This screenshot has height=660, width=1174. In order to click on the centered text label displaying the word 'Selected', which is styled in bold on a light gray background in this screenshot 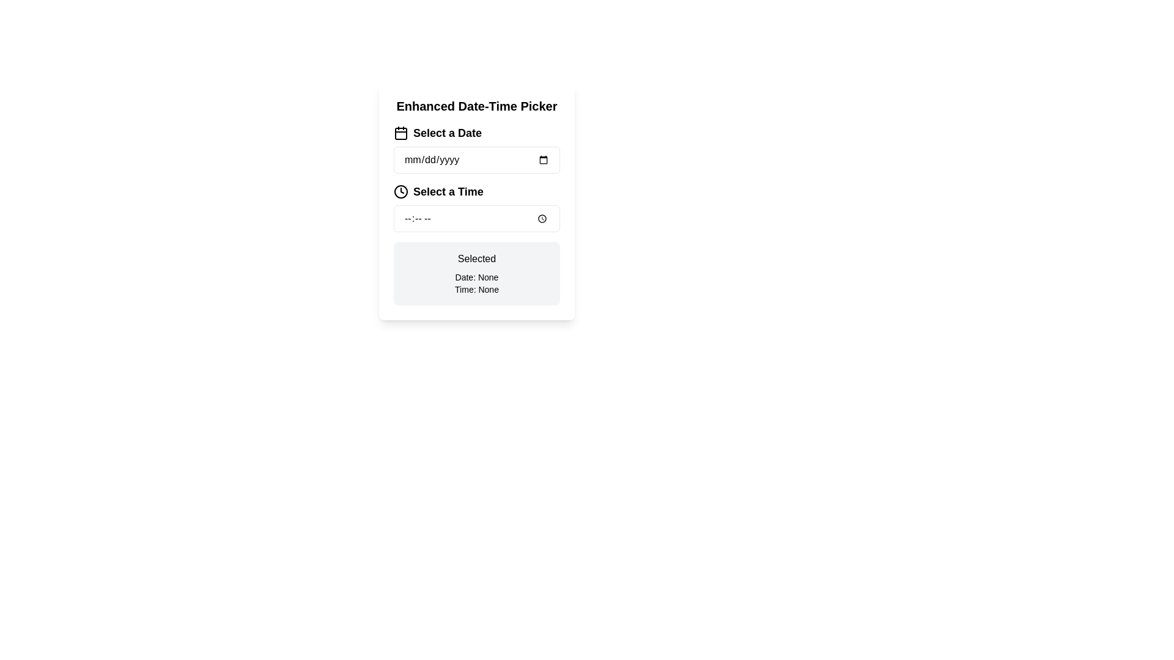, I will do `click(476, 258)`.